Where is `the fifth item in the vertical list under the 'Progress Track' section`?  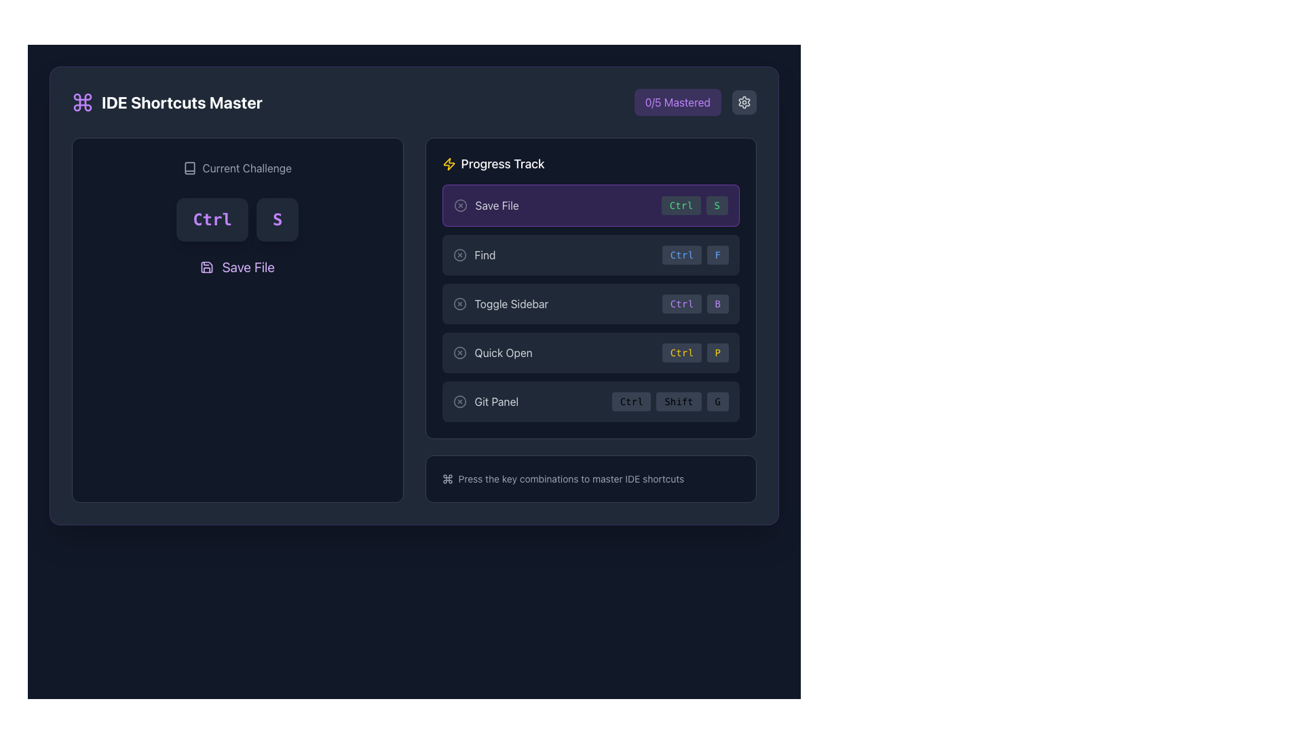
the fifth item in the vertical list under the 'Progress Track' section is located at coordinates (590, 400).